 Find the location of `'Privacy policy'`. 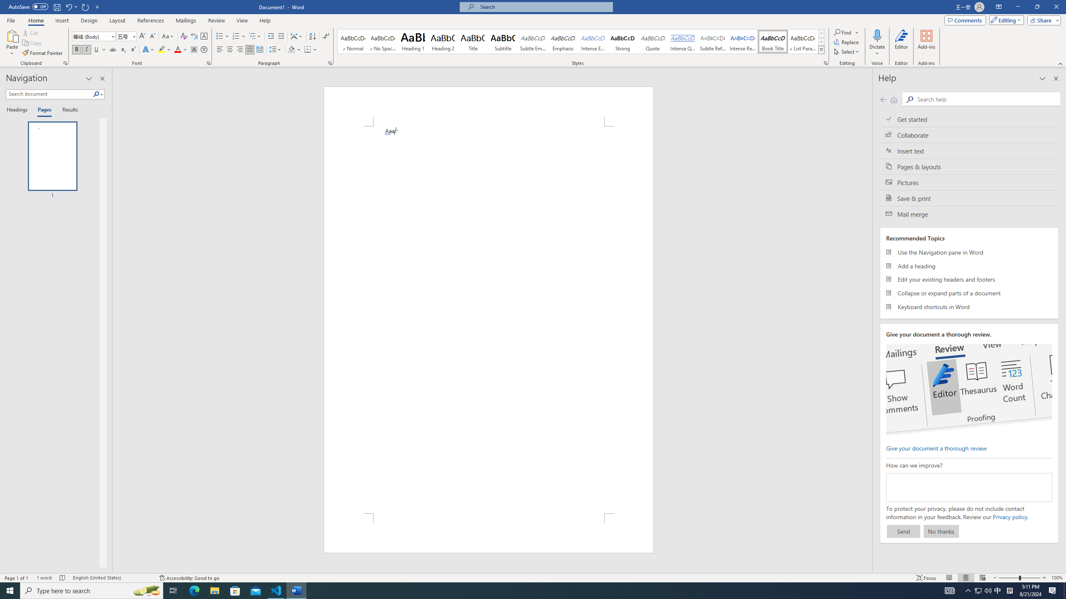

'Privacy policy' is located at coordinates (1010, 516).